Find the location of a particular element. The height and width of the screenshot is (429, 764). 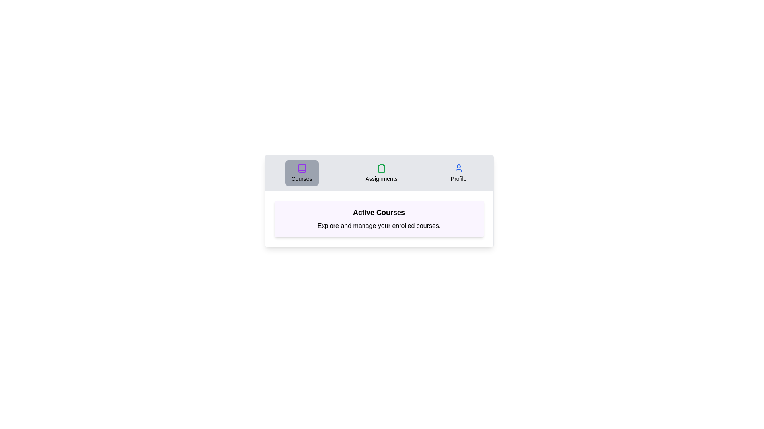

the Profile tab by clicking on its corresponding button is located at coordinates (458, 172).